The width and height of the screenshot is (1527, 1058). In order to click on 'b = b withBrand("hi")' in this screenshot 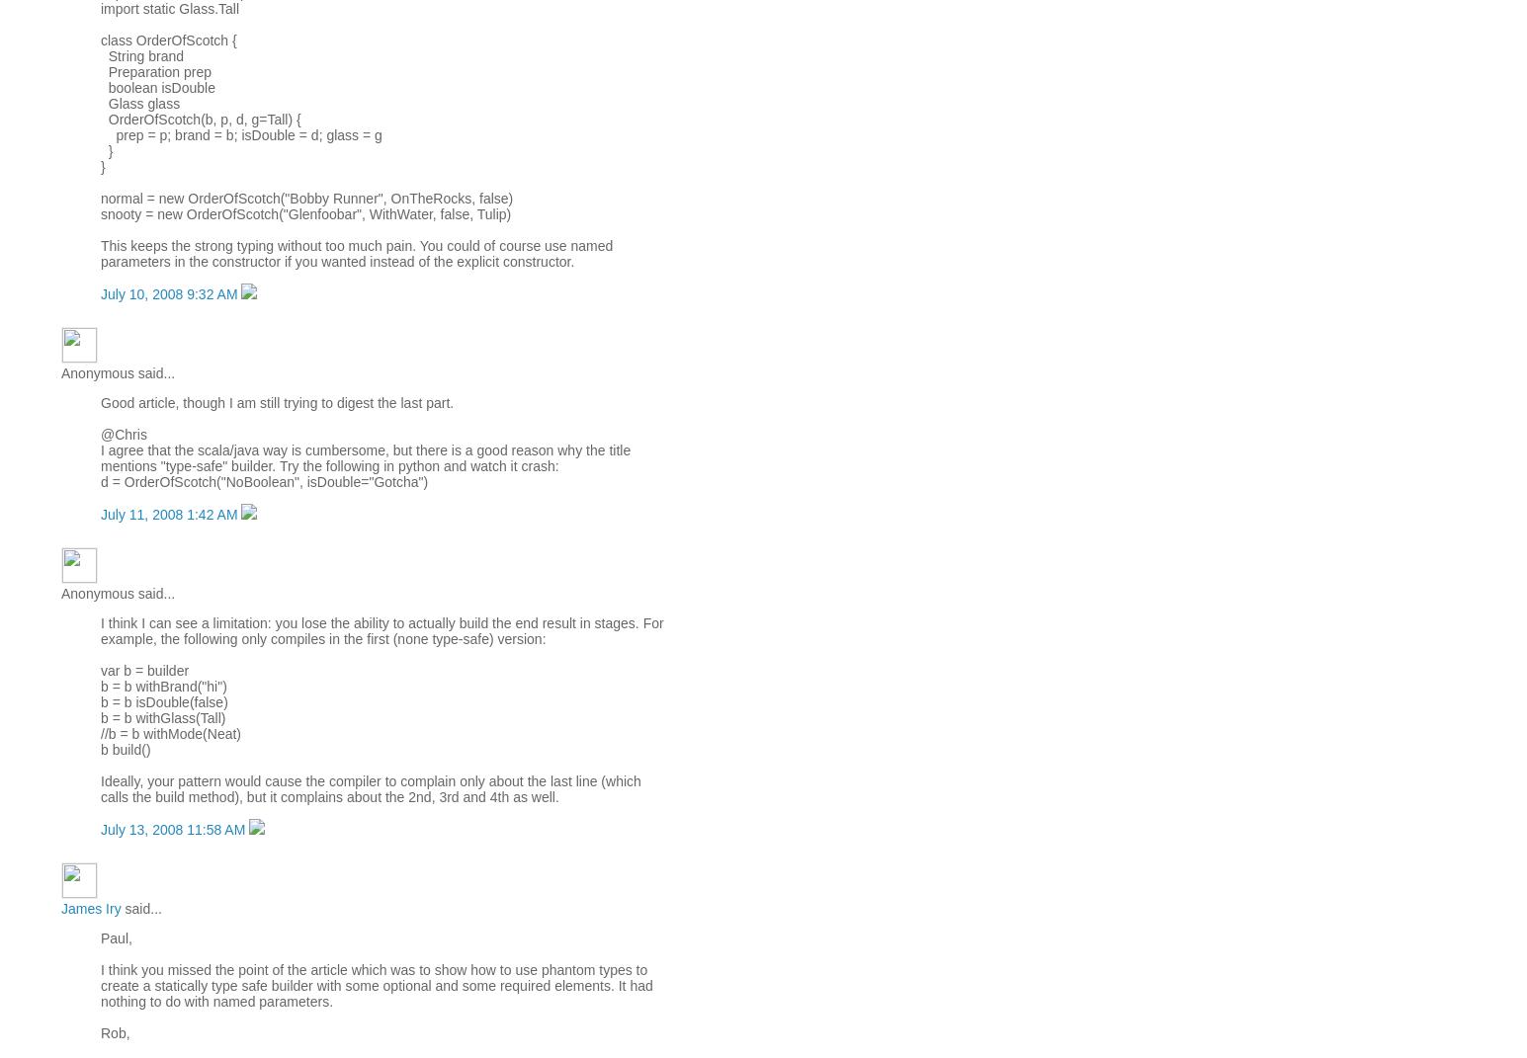, I will do `click(163, 686)`.